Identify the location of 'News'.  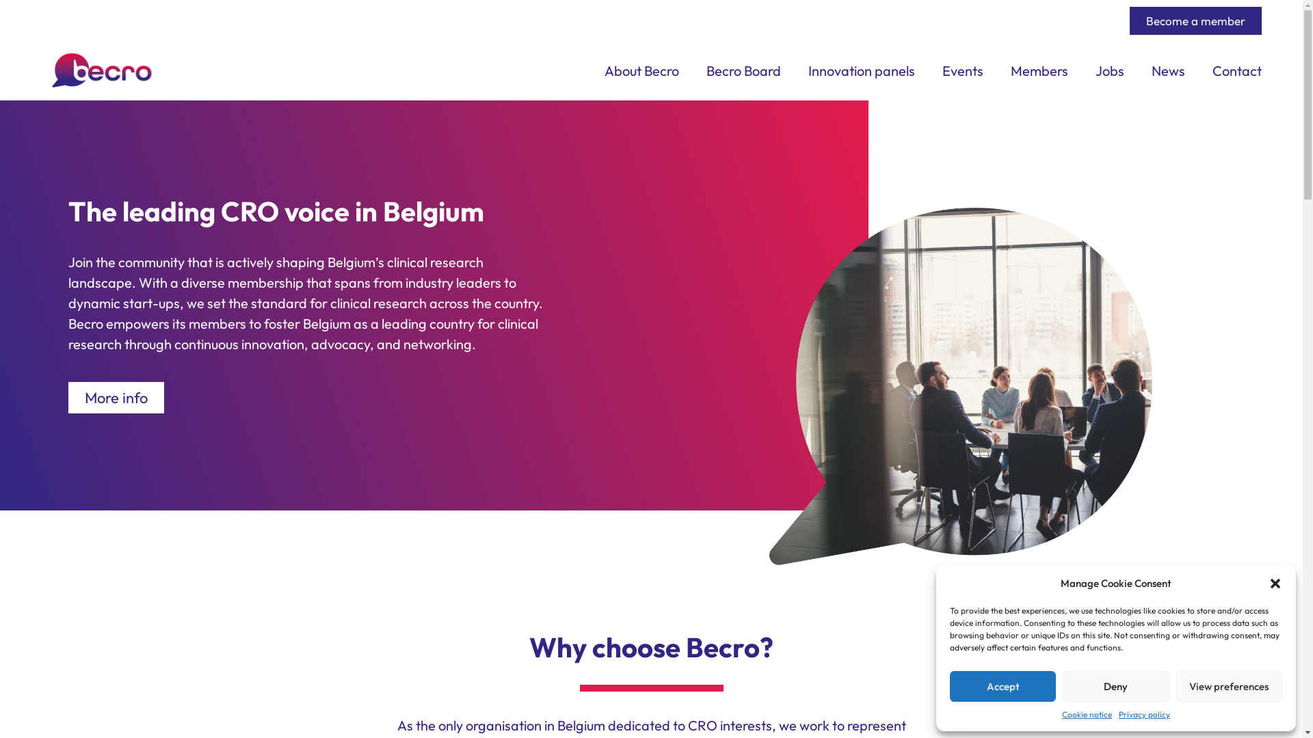
(1167, 71).